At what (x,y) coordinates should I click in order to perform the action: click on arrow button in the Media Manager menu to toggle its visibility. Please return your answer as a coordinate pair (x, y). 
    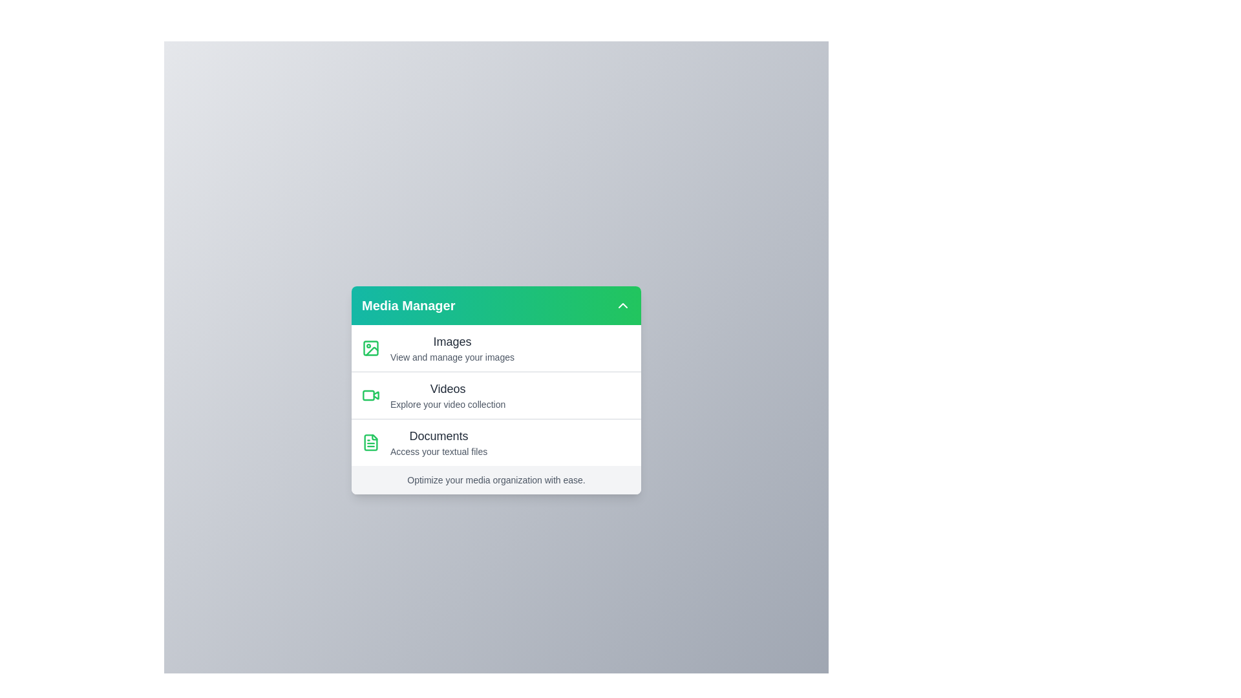
    Looking at the image, I should click on (623, 306).